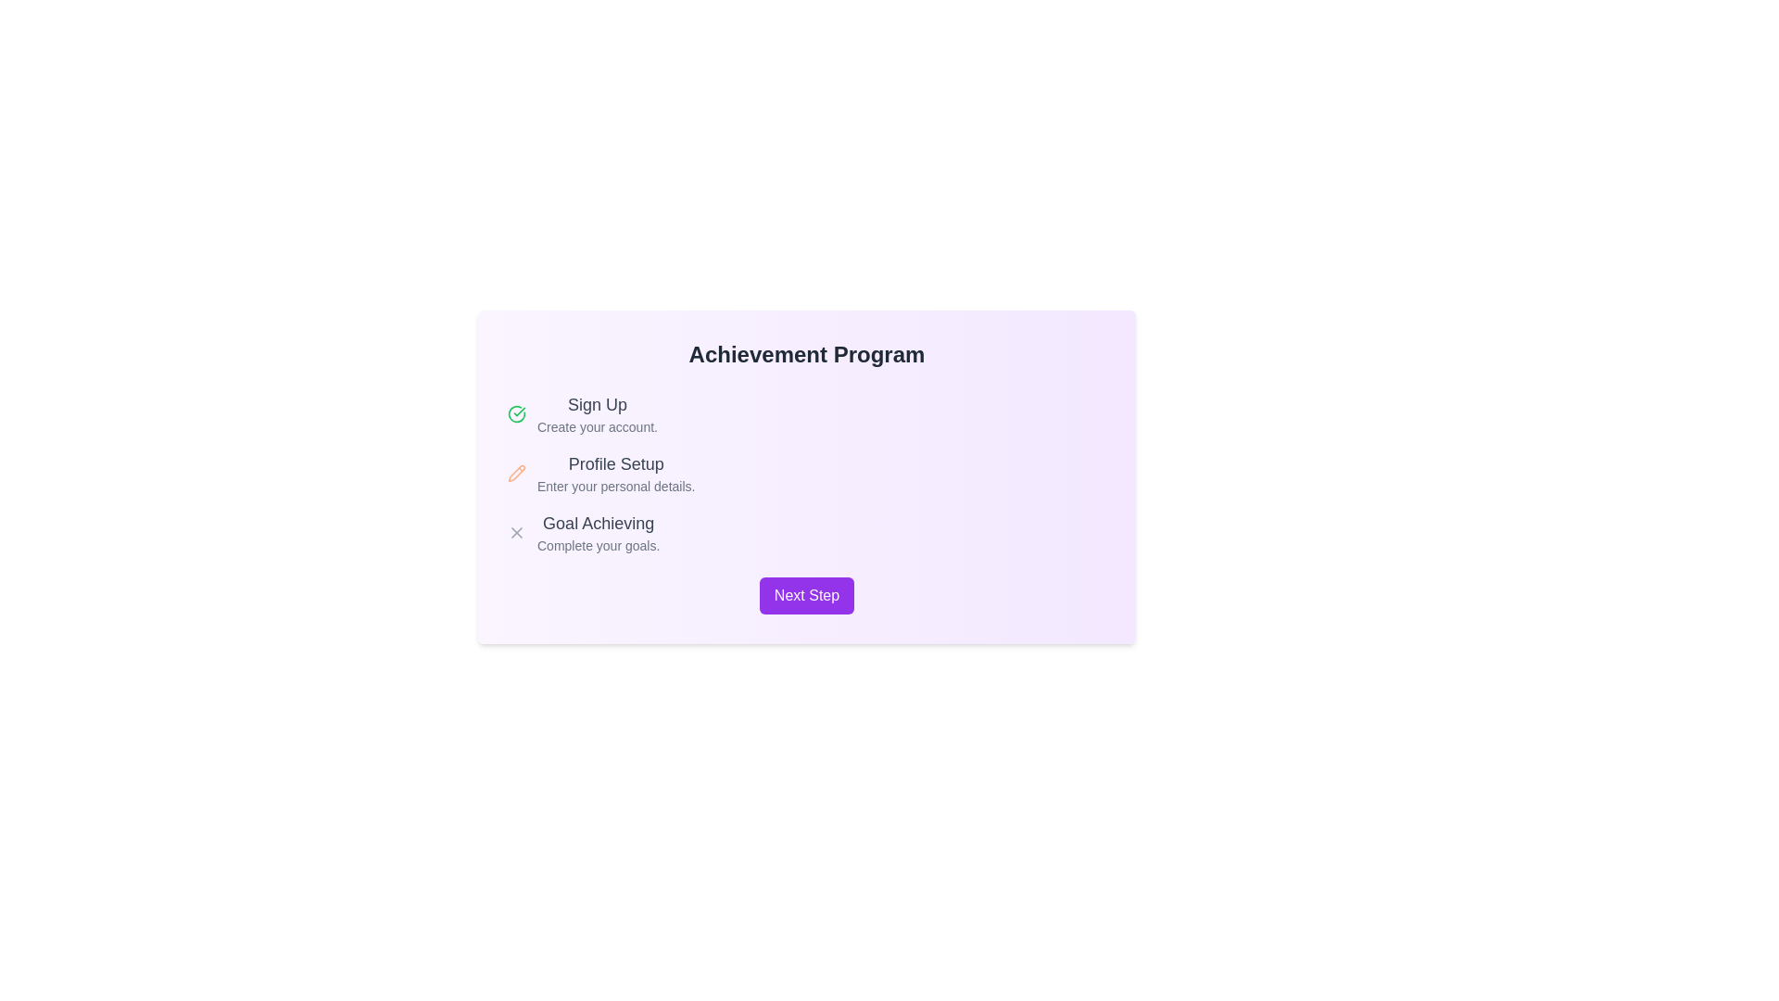 This screenshot has height=1001, width=1779. I want to click on the helper text displaying 'Enter your personal details.' which is located below the bold 'Profile Setup' text in the Profile Setup section, so click(616, 485).